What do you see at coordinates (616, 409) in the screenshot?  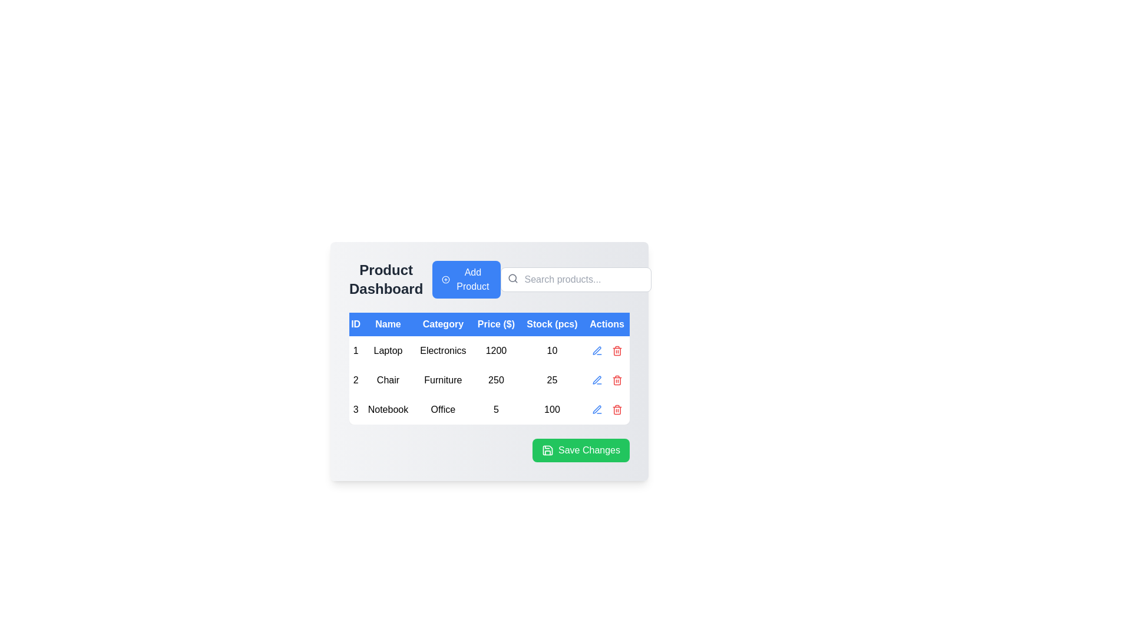 I see `the delete icon button in the 'Actions' column of the third row` at bounding box center [616, 409].